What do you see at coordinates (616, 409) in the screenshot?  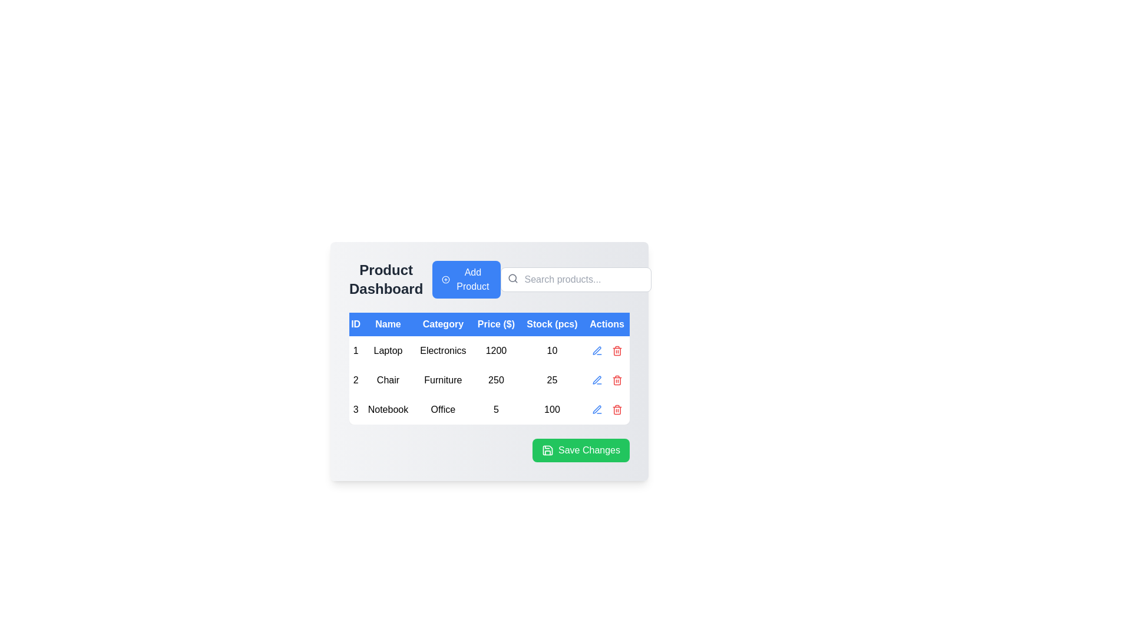 I see `the delete icon button in the 'Actions' column of the third row` at bounding box center [616, 409].